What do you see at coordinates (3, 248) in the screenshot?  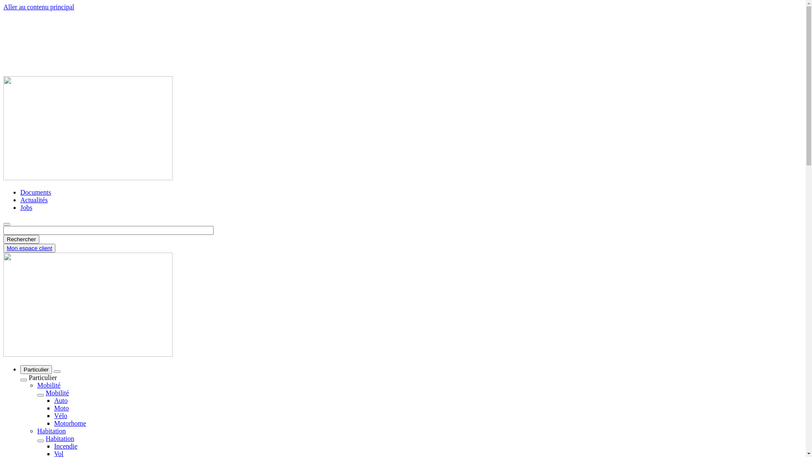 I see `'Mon espace client'` at bounding box center [3, 248].